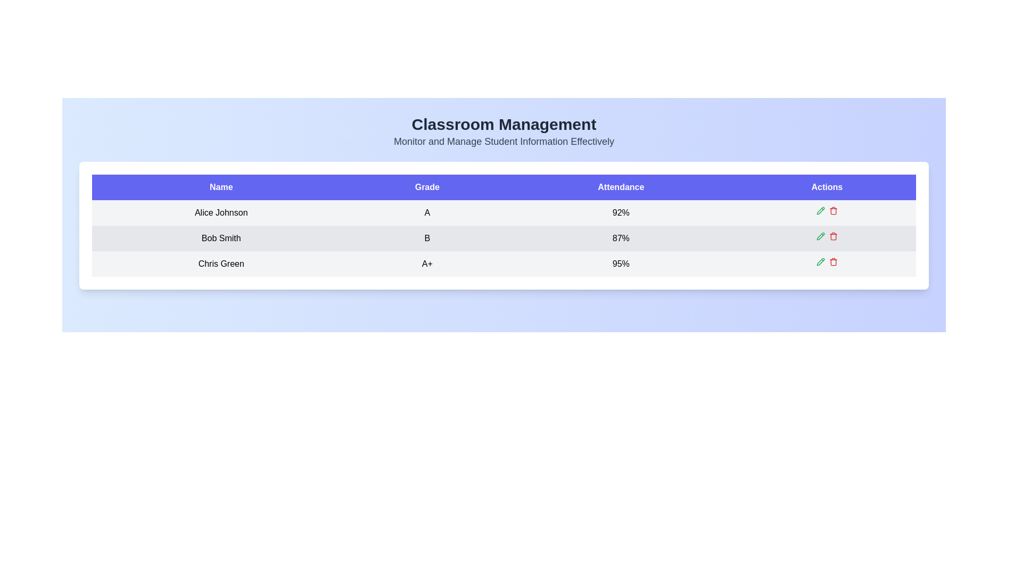 Image resolution: width=1022 pixels, height=575 pixels. Describe the element at coordinates (621, 264) in the screenshot. I see `the text label displaying '95%' in the Attendance column of the row labeled 'Chris Green' with a grade of 'A+'` at that location.